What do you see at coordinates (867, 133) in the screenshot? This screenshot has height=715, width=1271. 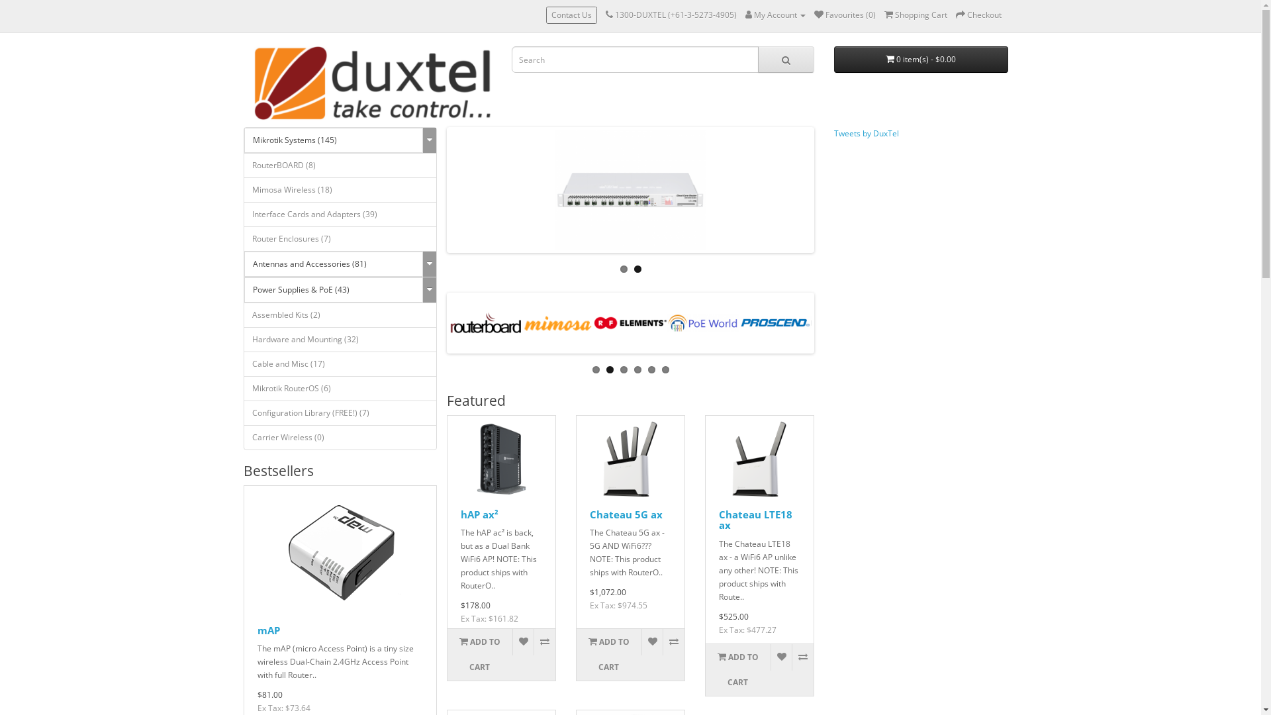 I see `'Tweets by DuxTel'` at bounding box center [867, 133].